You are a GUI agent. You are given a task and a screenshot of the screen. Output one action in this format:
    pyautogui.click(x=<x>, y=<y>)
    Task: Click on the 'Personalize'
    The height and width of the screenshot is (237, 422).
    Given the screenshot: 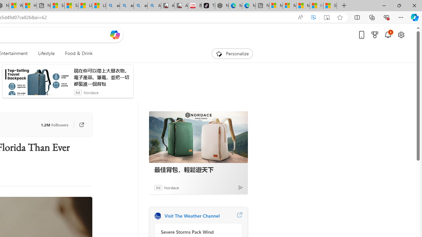 What is the action you would take?
    pyautogui.click(x=232, y=53)
    